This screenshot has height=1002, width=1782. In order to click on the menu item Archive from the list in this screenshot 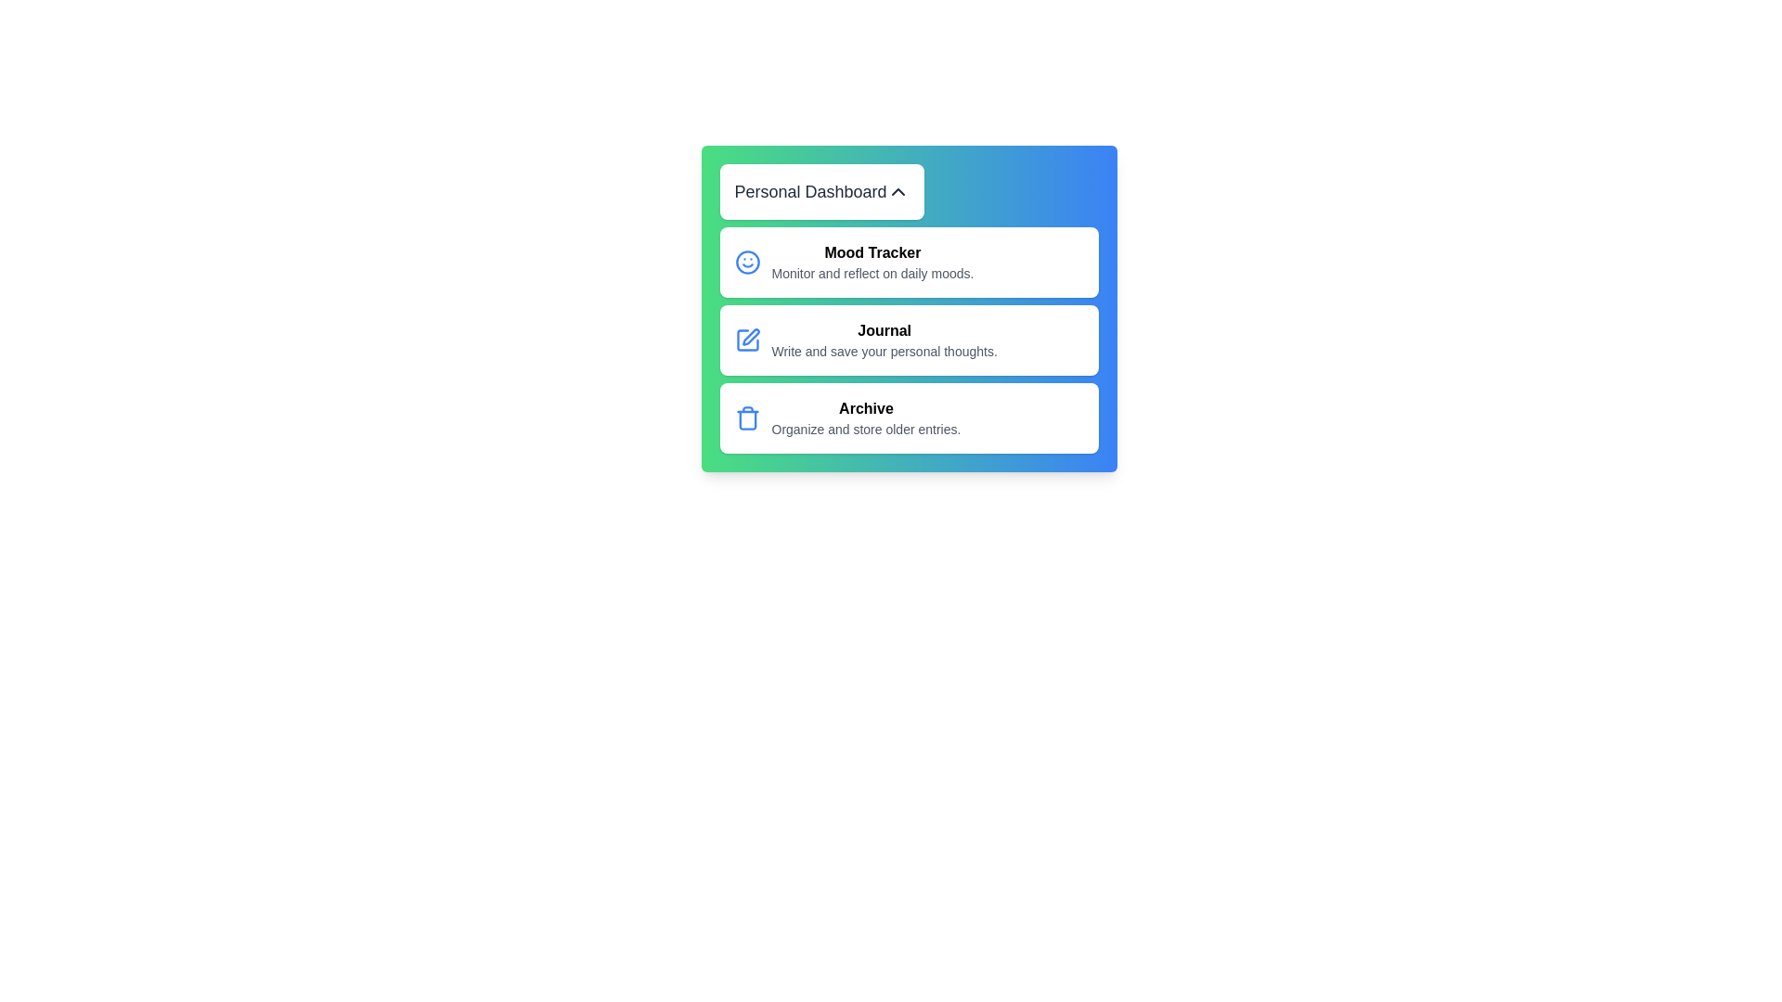, I will do `click(909, 418)`.